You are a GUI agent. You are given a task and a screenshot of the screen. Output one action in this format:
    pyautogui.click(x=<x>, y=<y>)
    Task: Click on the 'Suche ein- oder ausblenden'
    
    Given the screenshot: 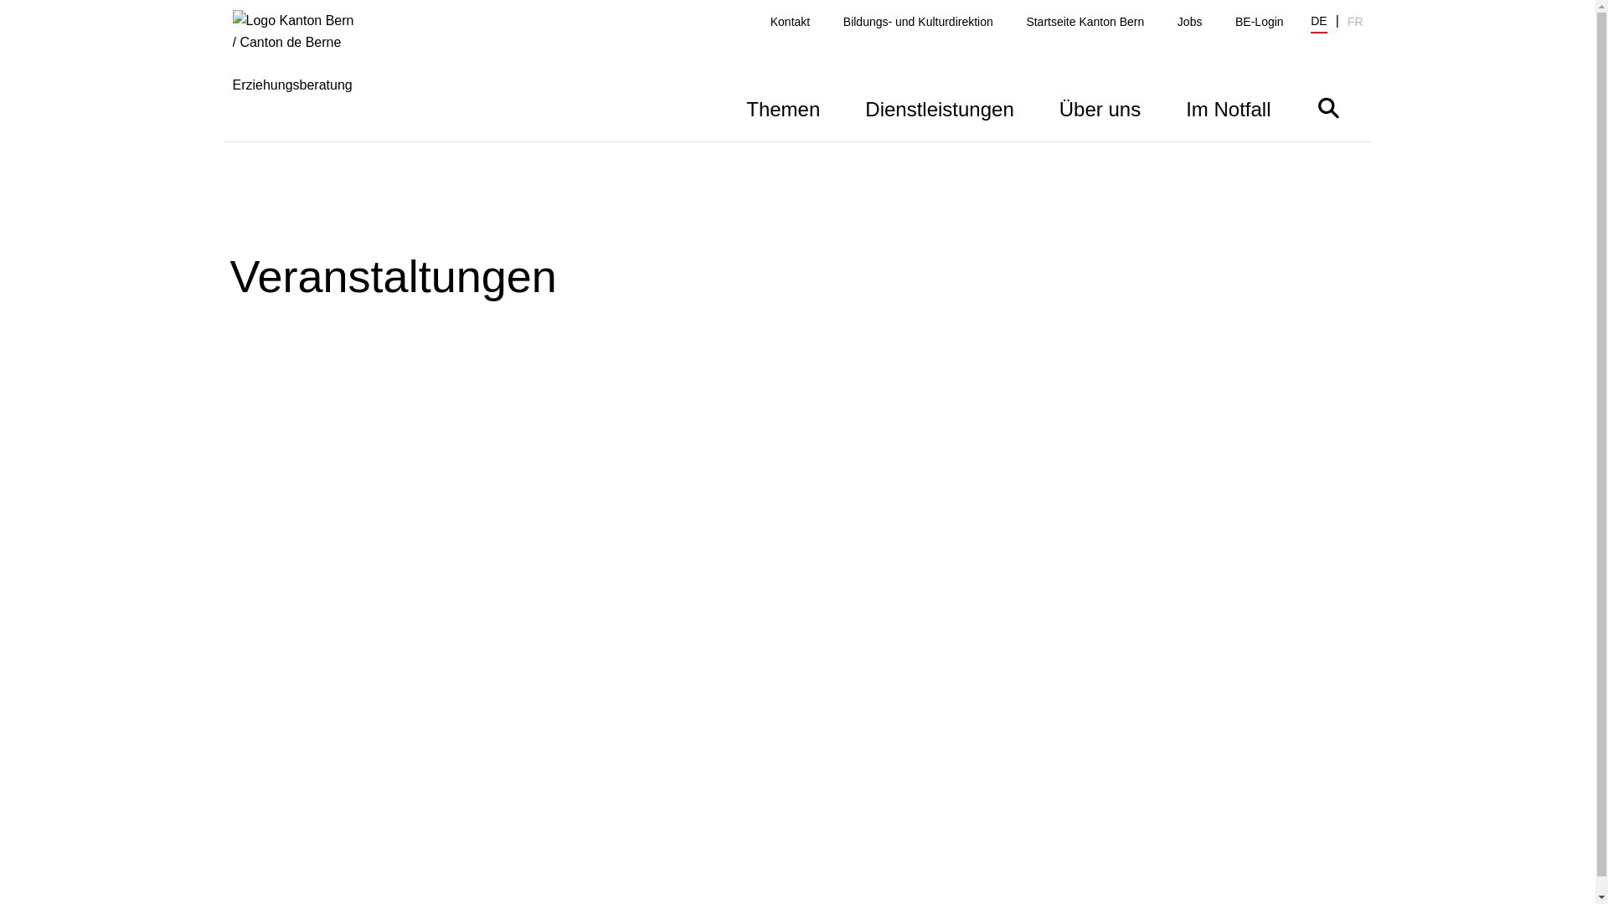 What is the action you would take?
    pyautogui.click(x=1327, y=107)
    